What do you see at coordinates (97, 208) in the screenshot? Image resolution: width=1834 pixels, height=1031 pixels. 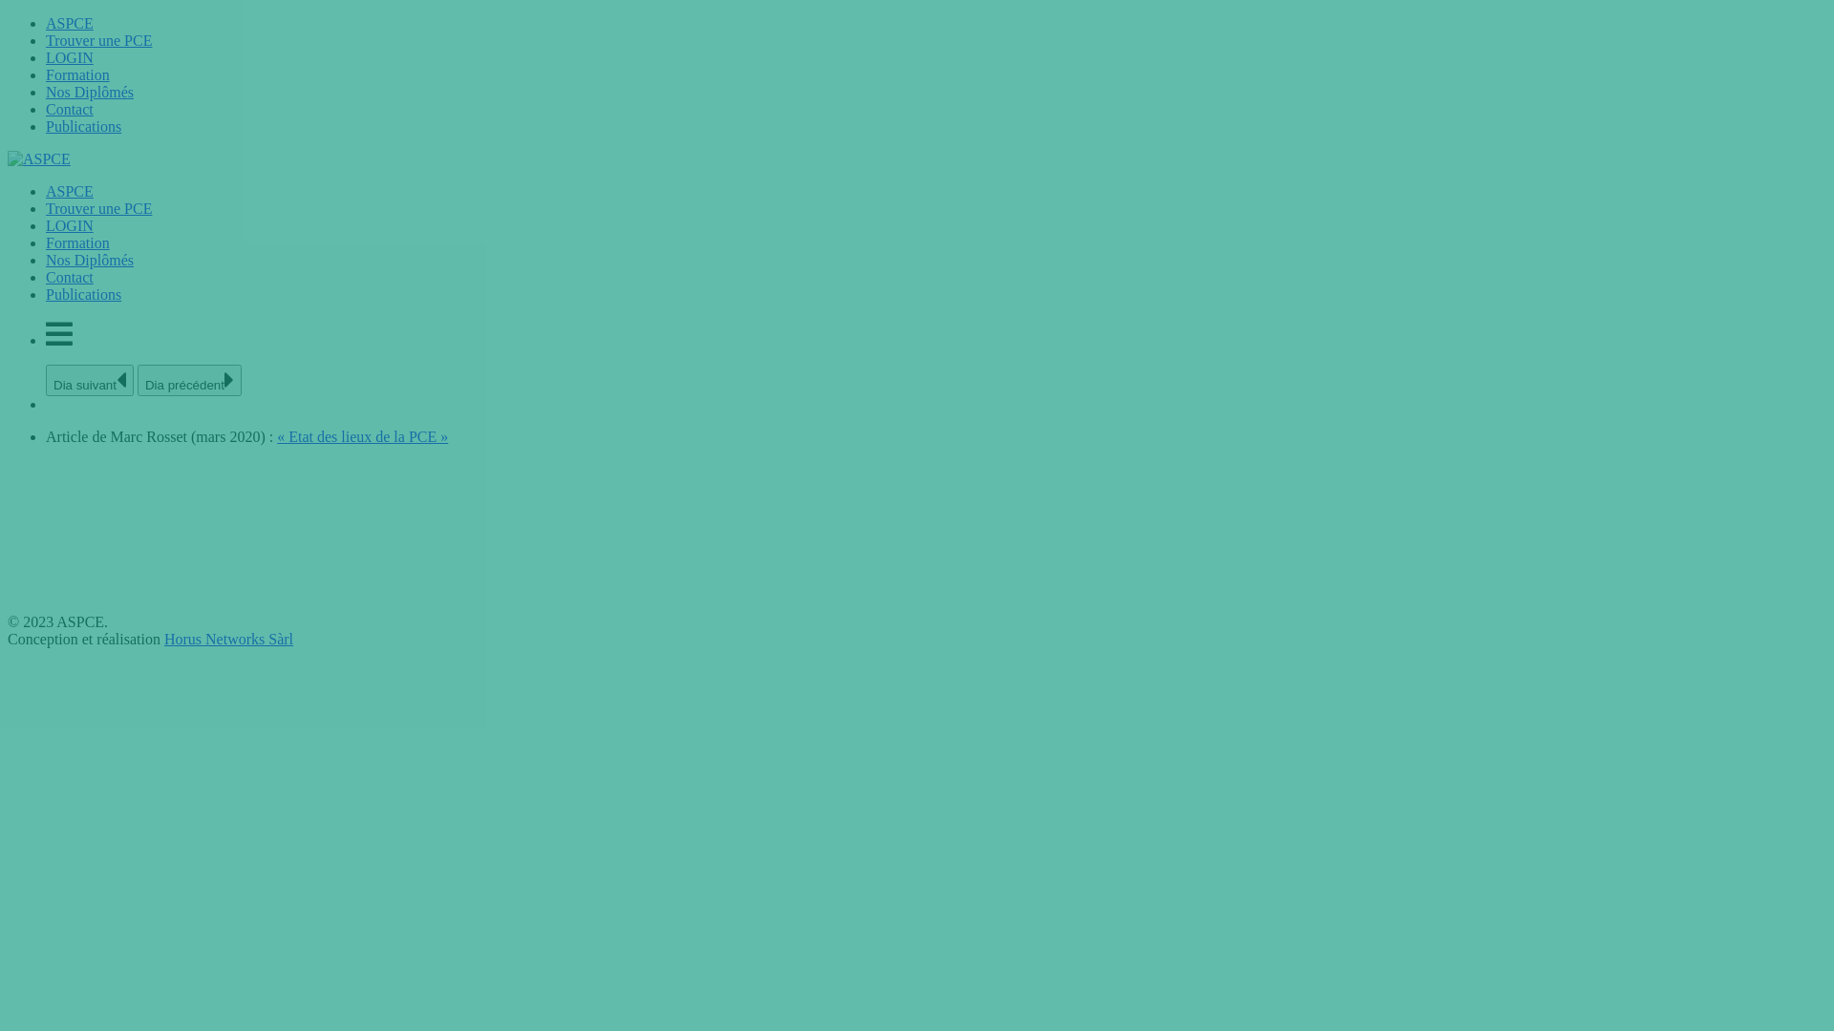 I see `'Trouver une PCE'` at bounding box center [97, 208].